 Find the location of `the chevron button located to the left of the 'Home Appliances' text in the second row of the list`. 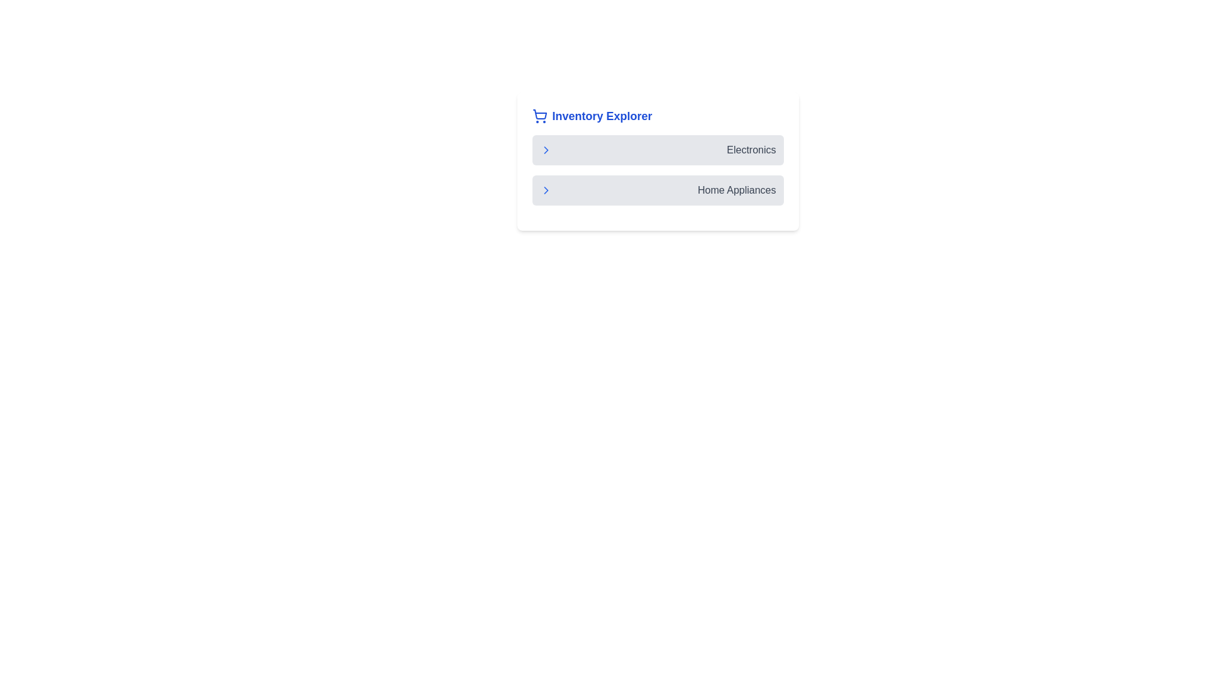

the chevron button located to the left of the 'Home Appliances' text in the second row of the list is located at coordinates (546, 190).